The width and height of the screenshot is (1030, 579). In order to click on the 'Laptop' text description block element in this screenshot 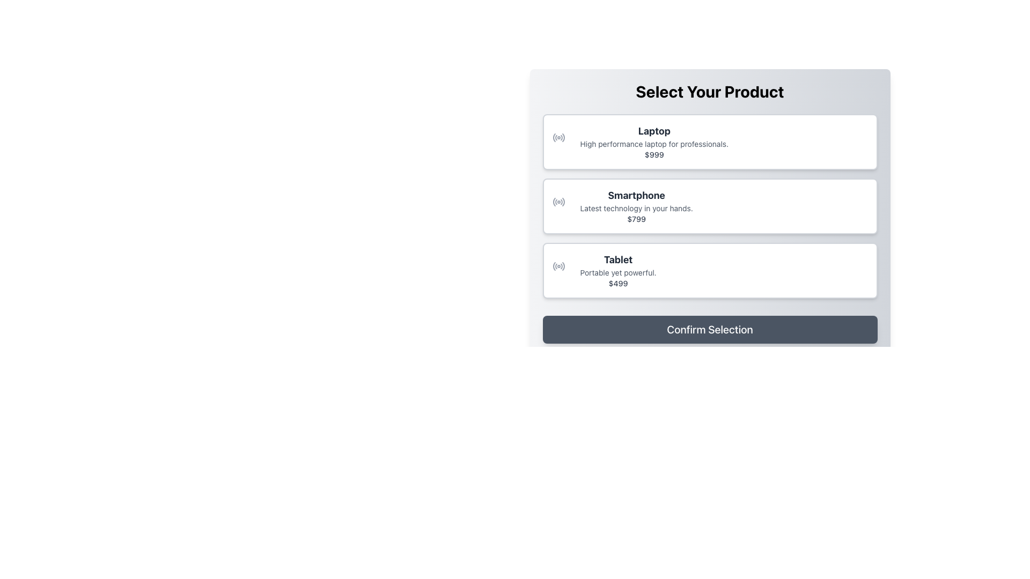, I will do `click(653, 142)`.